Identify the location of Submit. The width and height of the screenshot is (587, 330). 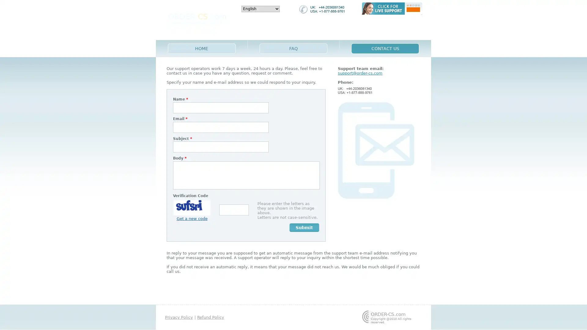
(304, 227).